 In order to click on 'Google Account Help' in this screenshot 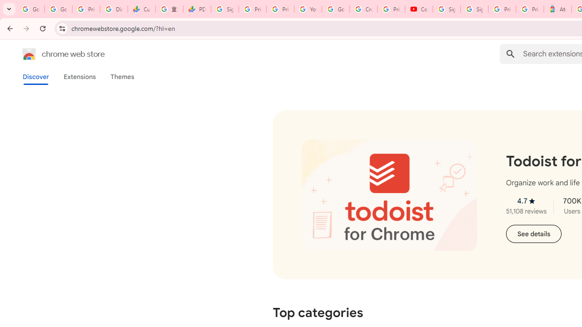, I will do `click(335, 9)`.